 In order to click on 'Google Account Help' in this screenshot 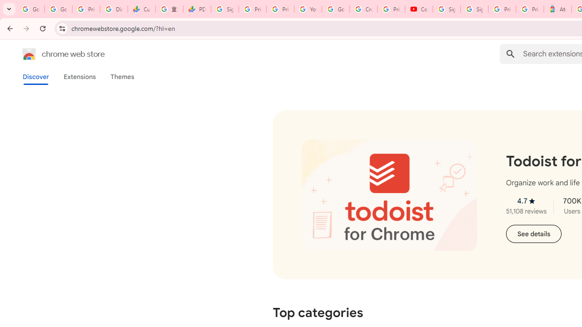, I will do `click(335, 9)`.